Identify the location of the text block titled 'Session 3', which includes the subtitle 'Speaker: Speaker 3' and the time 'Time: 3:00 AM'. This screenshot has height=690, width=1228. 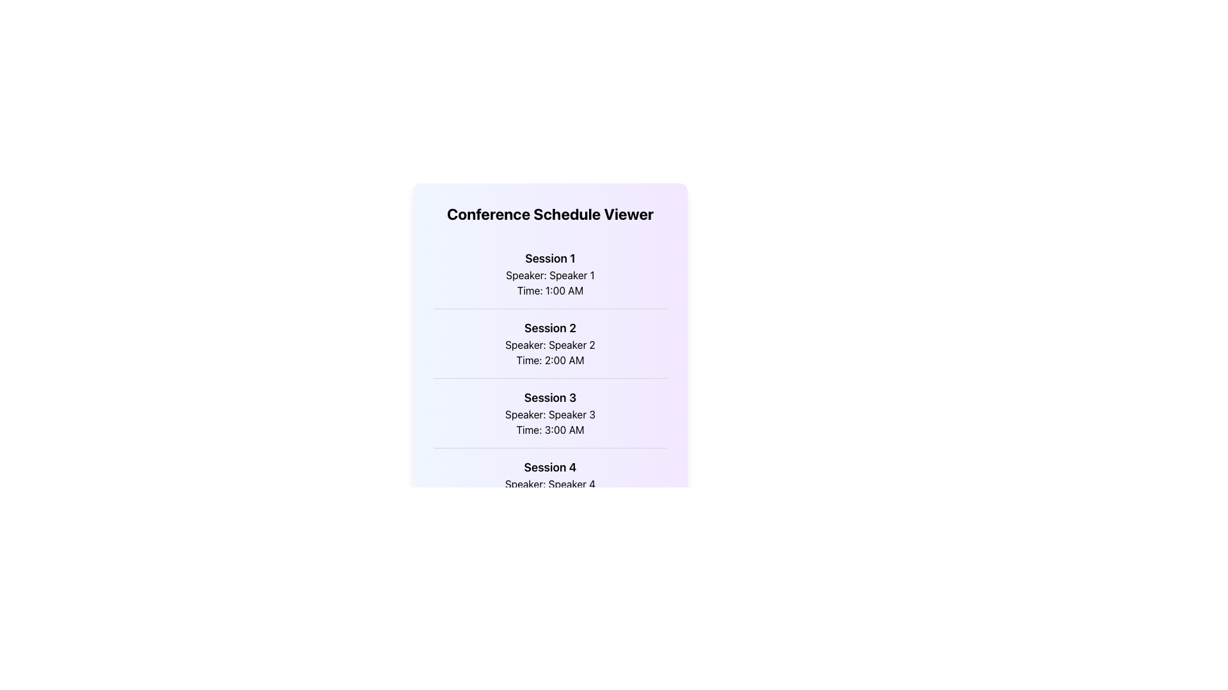
(550, 413).